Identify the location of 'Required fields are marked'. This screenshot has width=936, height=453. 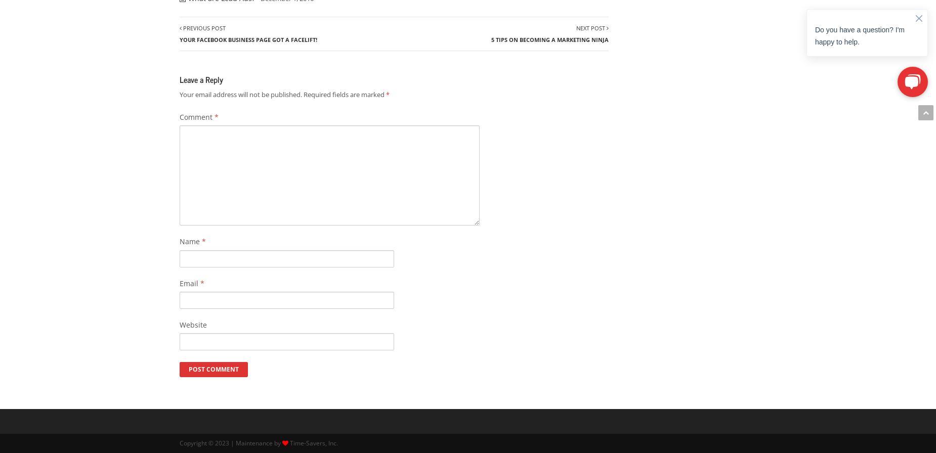
(345, 94).